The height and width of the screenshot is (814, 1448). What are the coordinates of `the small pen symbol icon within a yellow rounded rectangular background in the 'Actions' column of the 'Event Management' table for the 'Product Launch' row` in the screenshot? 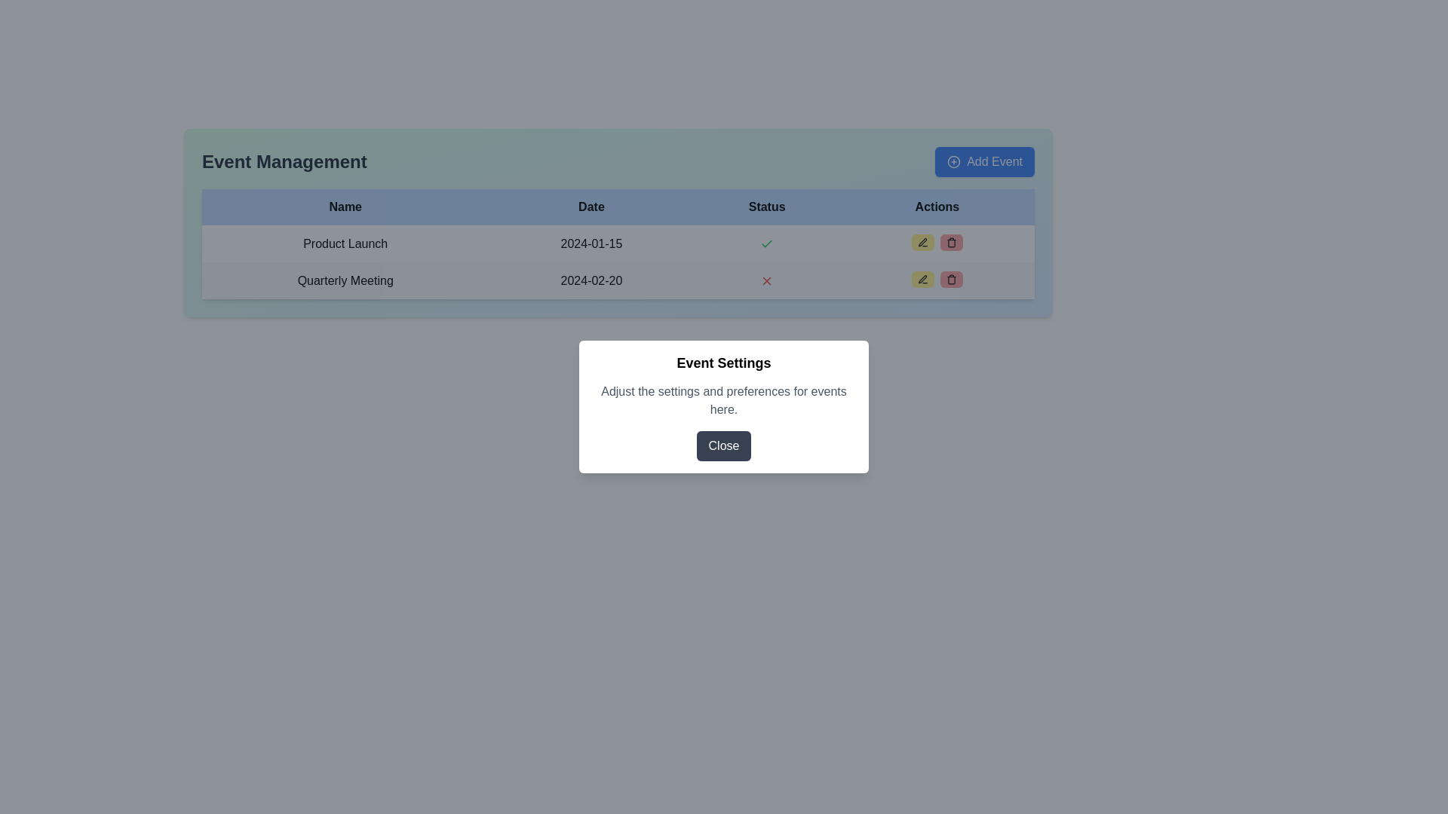 It's located at (922, 279).